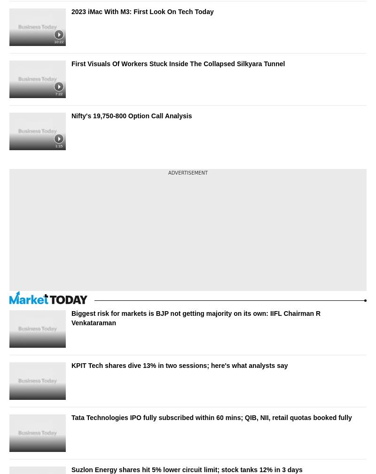  I want to click on '2023 iMac With M3: First Look On Tech Today', so click(142, 11).